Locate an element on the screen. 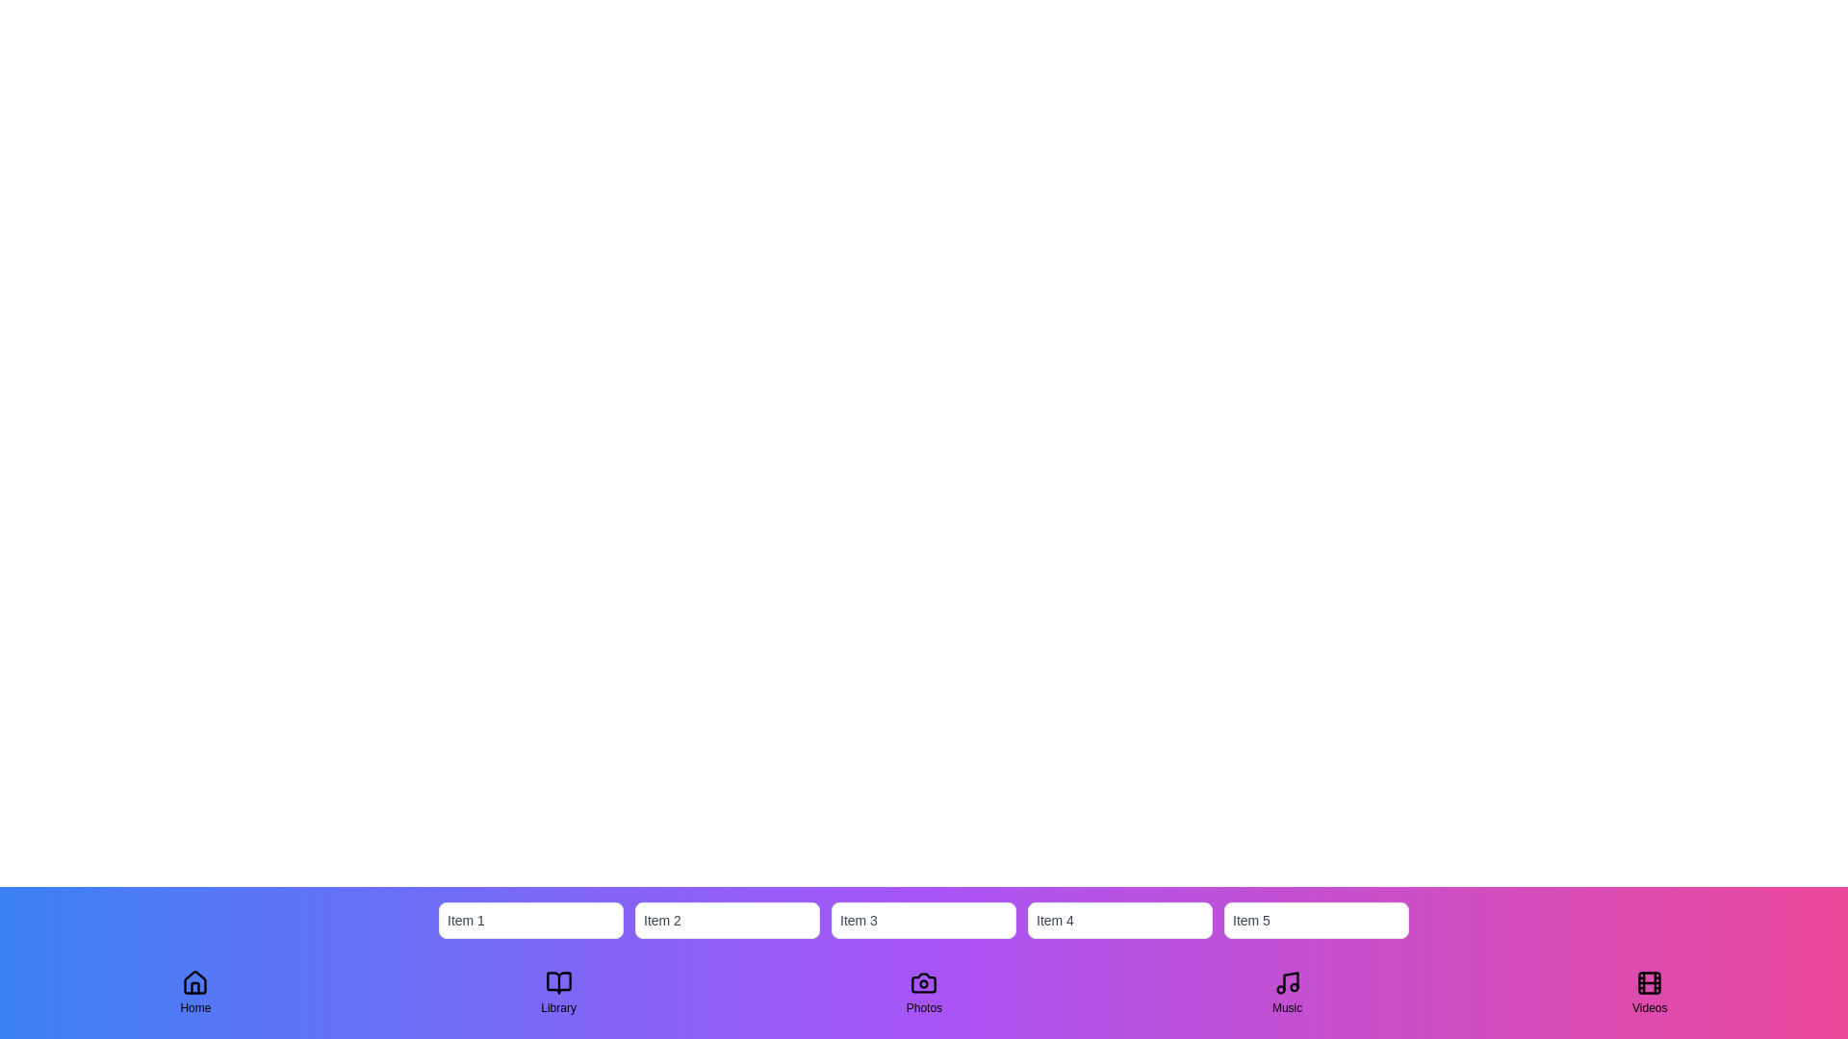 The height and width of the screenshot is (1039, 1848). the Photos tab to switch views is located at coordinates (924, 993).